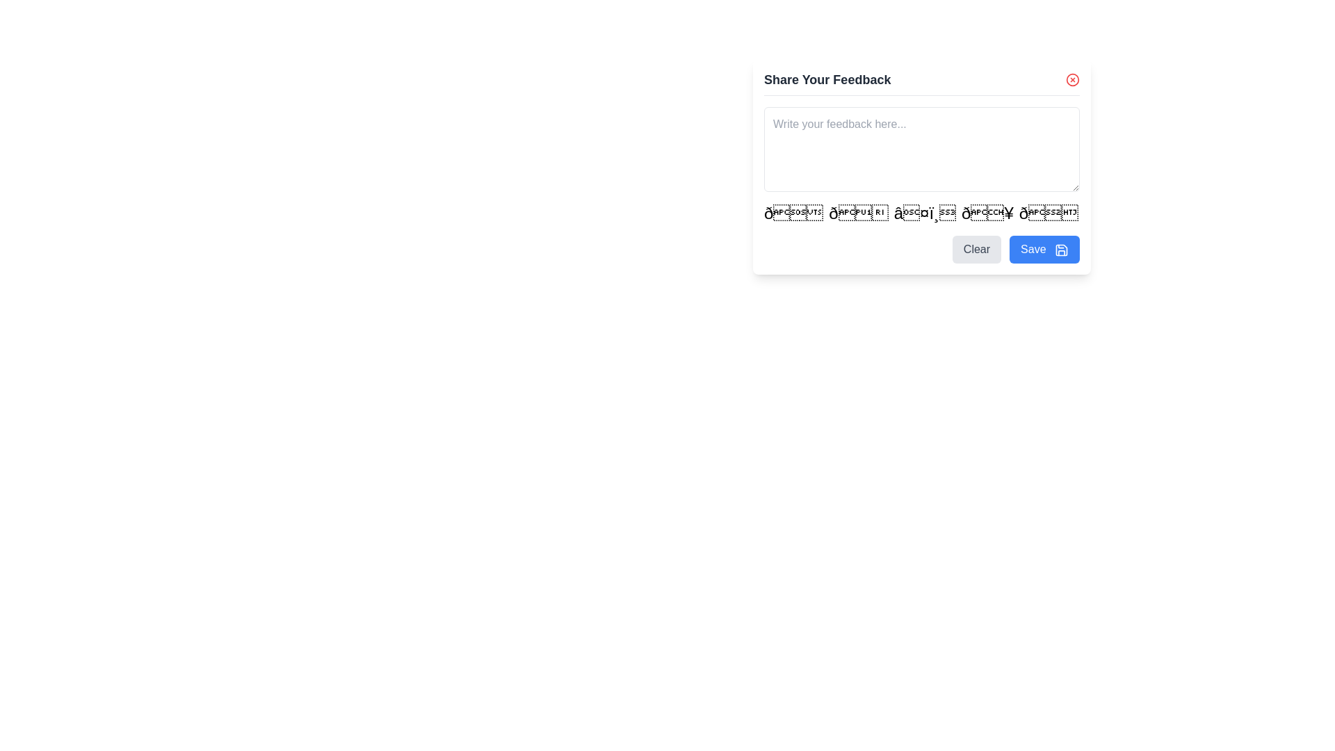  Describe the element at coordinates (857, 213) in the screenshot. I see `the interactive emoji-style button '👍' located between the smiley face emoji and the heart emoji in the feedback-sharing section` at that location.